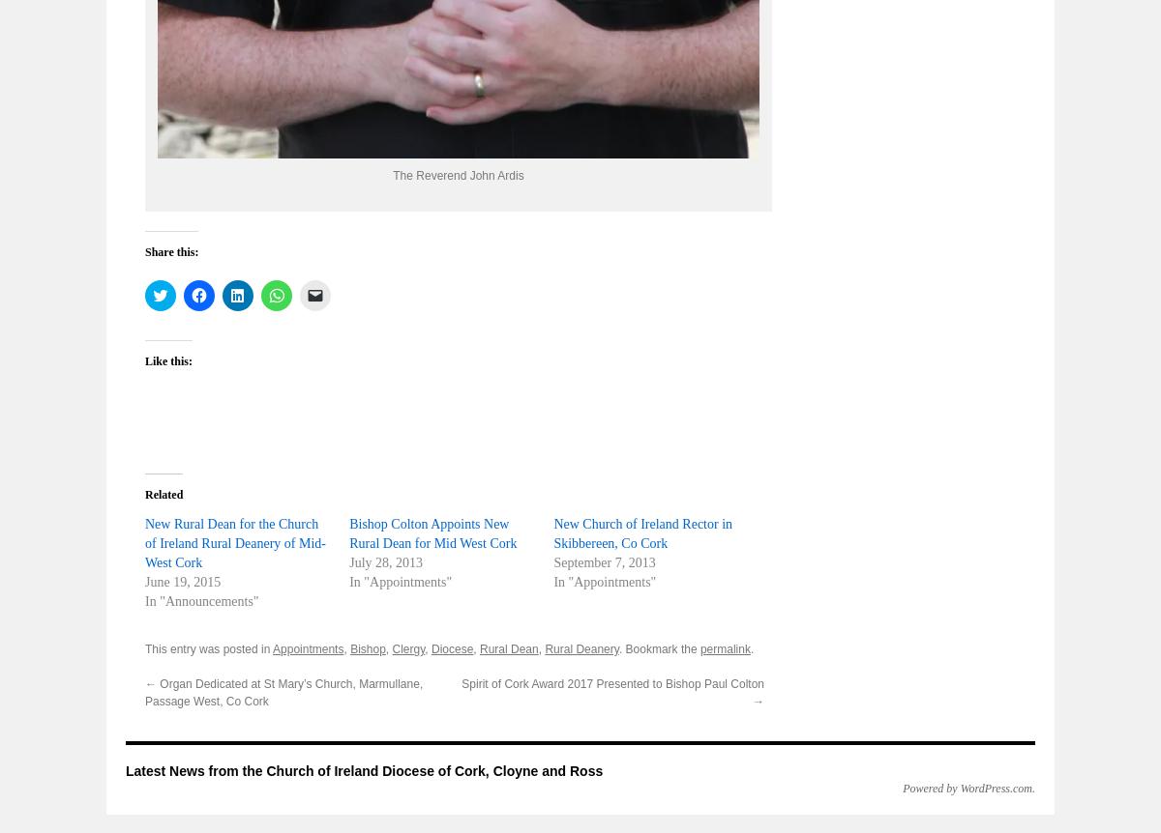 This screenshot has height=833, width=1161. What do you see at coordinates (145, 692) in the screenshot?
I see `'Organ Dedicated at St Mary’s Church, Marmullane, Passage West, Co Cork'` at bounding box center [145, 692].